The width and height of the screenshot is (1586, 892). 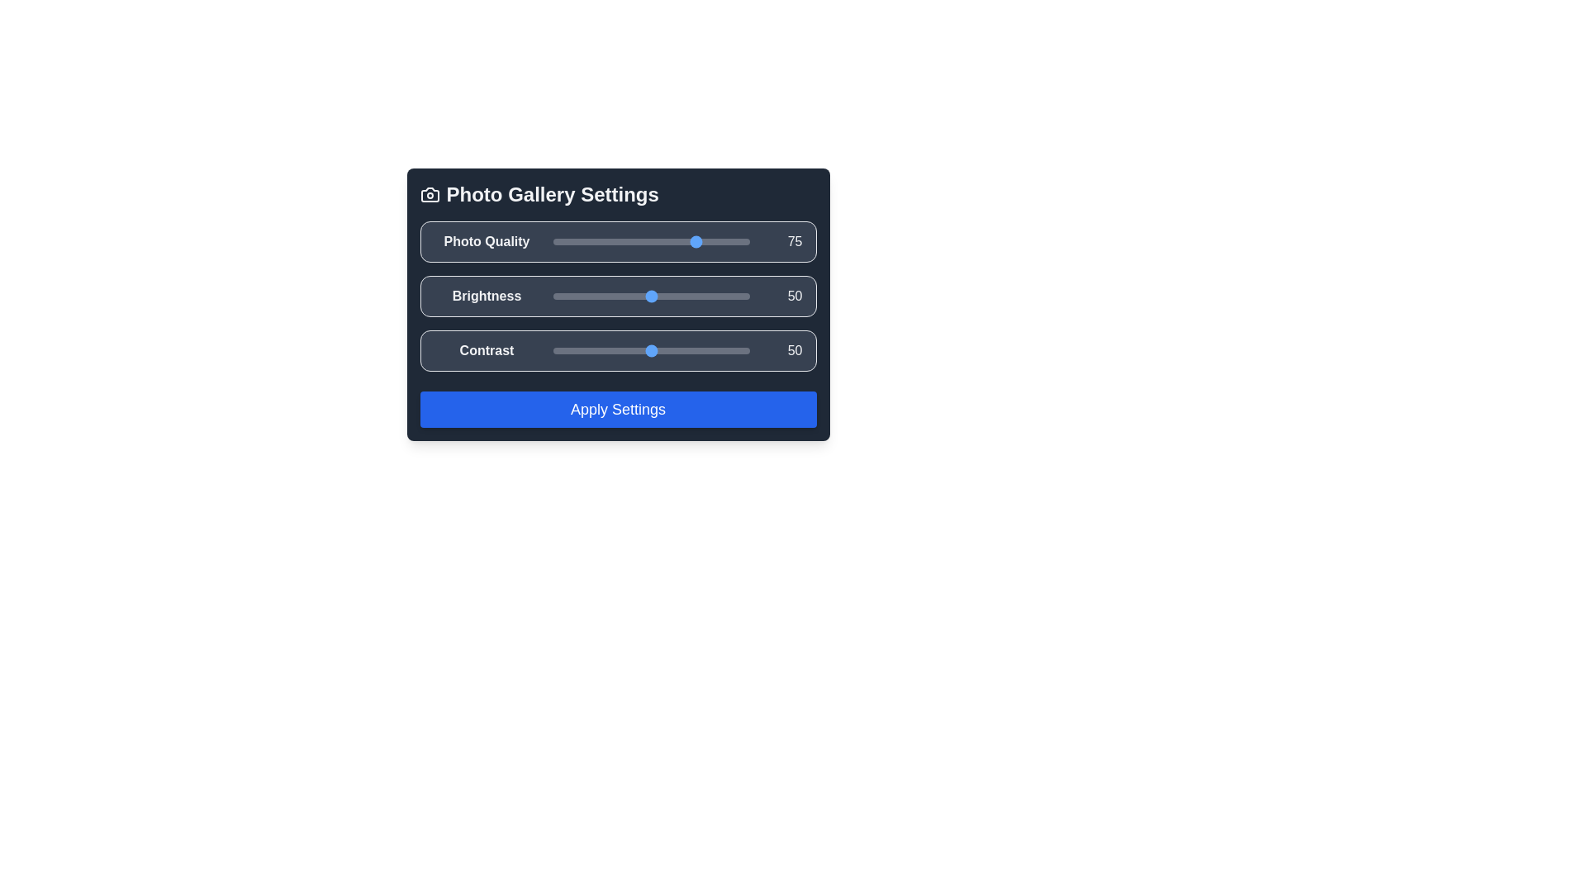 What do you see at coordinates (563, 349) in the screenshot?
I see `the contrast` at bounding box center [563, 349].